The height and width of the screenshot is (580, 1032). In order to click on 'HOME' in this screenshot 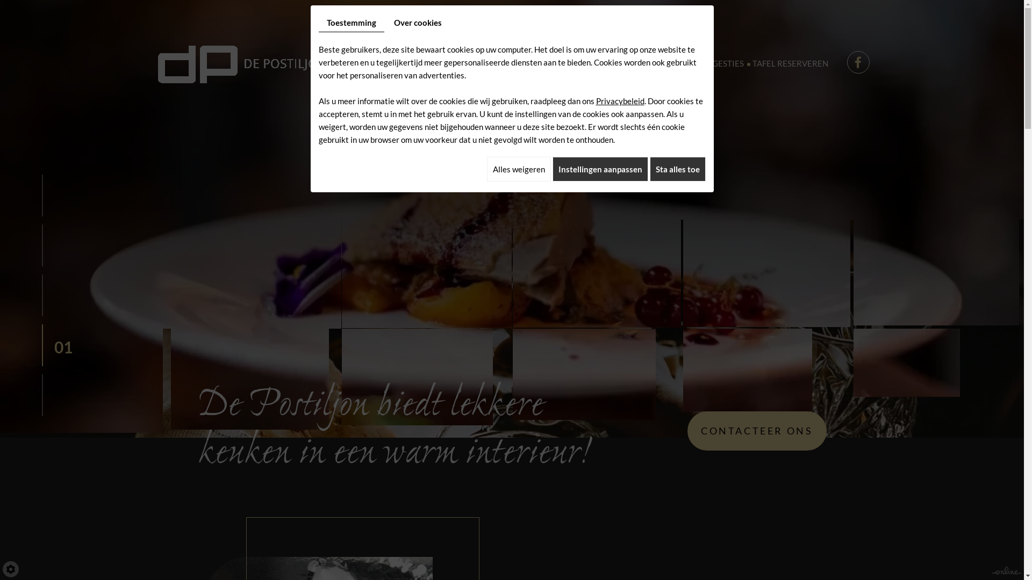, I will do `click(379, 63)`.